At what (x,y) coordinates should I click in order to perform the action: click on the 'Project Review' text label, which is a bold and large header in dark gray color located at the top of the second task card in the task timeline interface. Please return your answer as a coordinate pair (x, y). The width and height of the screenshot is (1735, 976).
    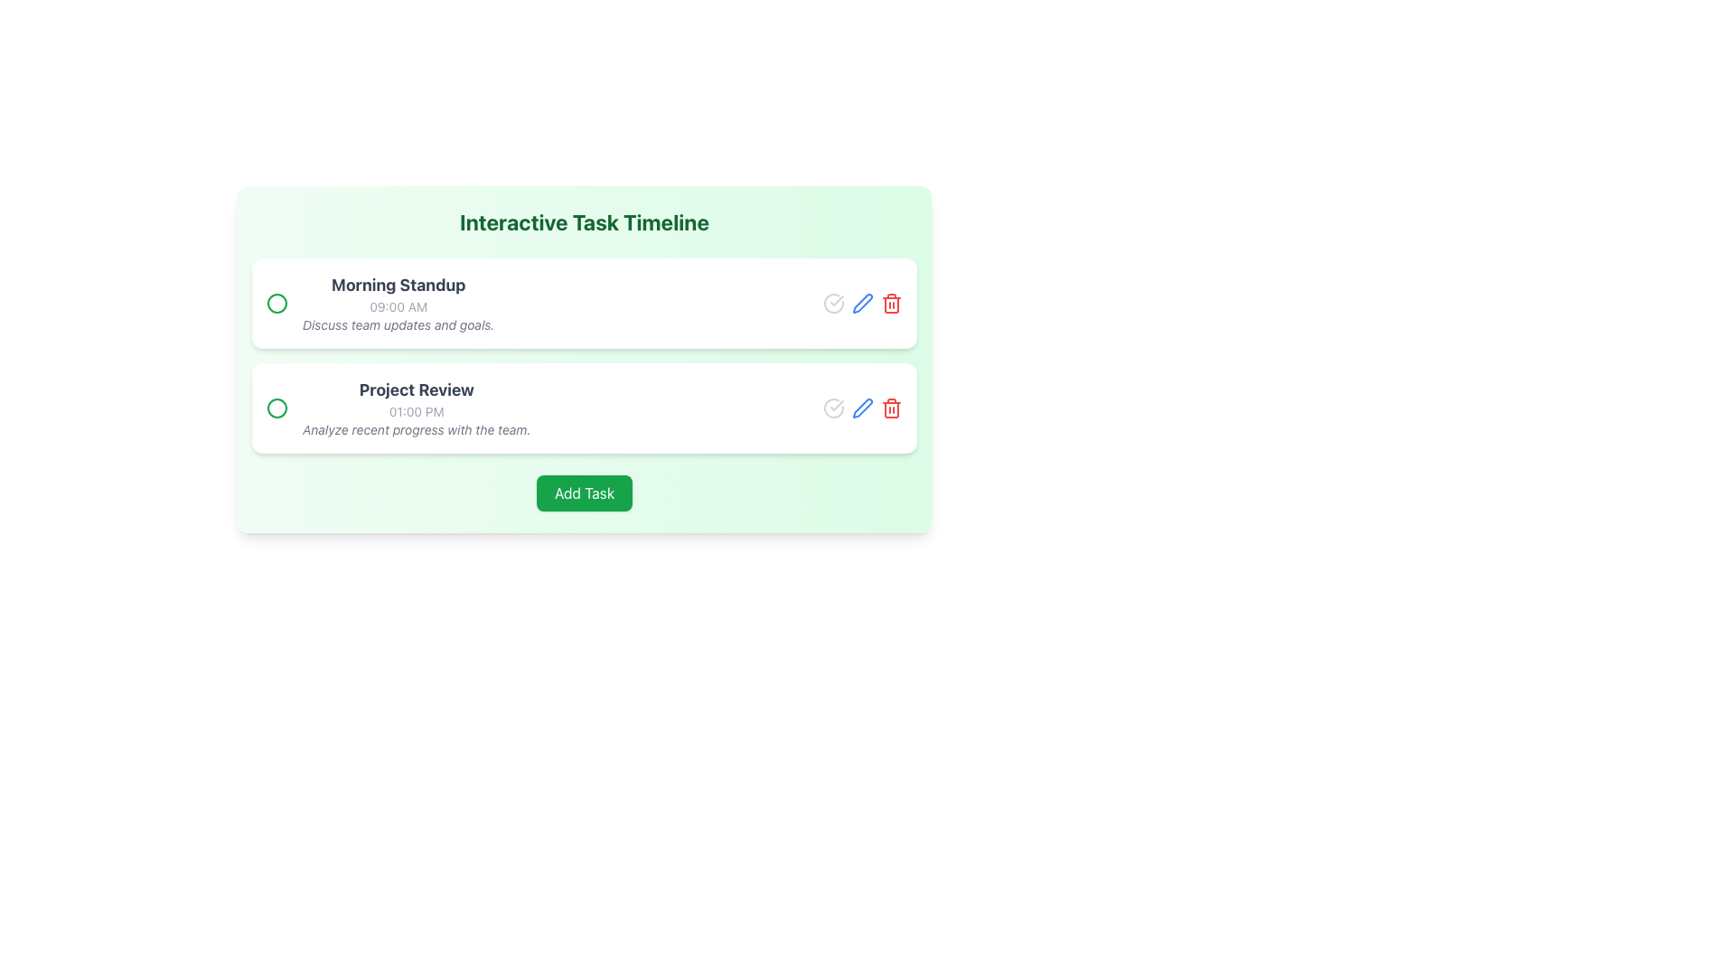
    Looking at the image, I should click on (416, 389).